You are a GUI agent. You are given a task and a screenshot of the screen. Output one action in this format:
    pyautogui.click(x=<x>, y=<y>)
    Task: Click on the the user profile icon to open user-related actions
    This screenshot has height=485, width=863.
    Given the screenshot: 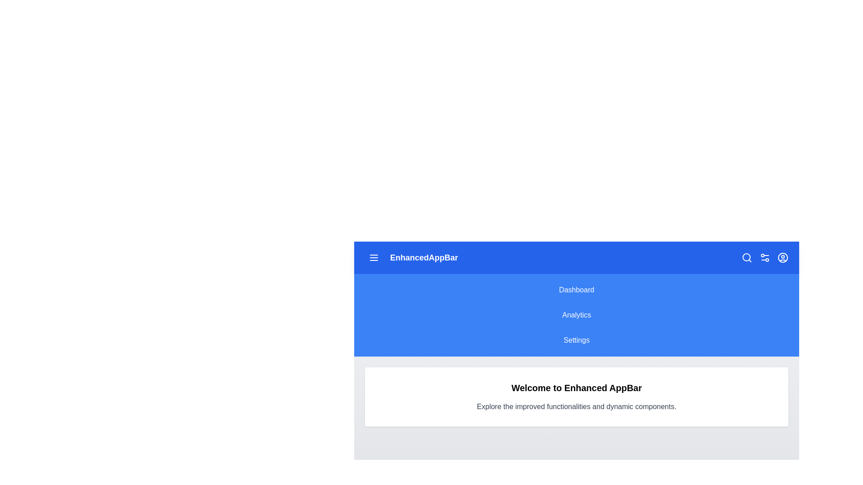 What is the action you would take?
    pyautogui.click(x=783, y=258)
    